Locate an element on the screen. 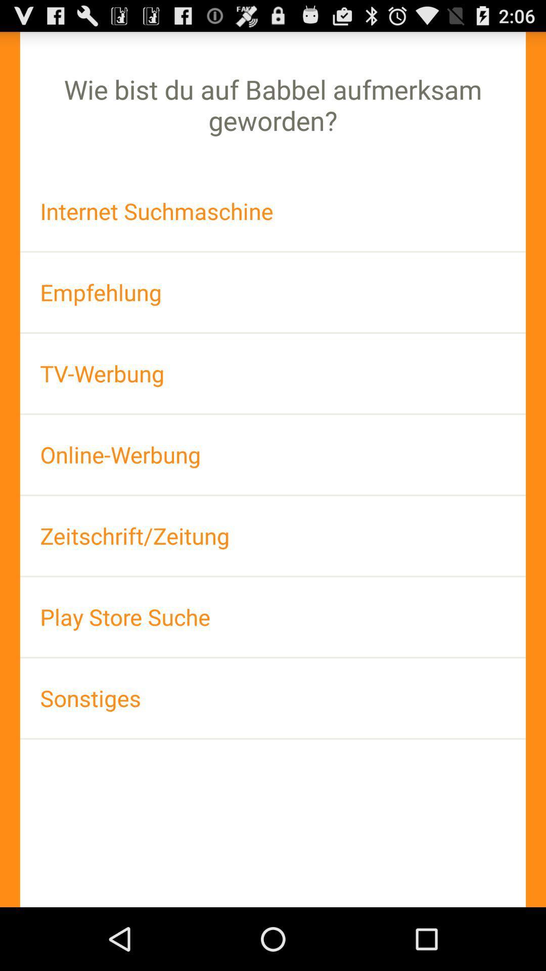 The height and width of the screenshot is (971, 546). icon below the online-werbung is located at coordinates (273, 535).